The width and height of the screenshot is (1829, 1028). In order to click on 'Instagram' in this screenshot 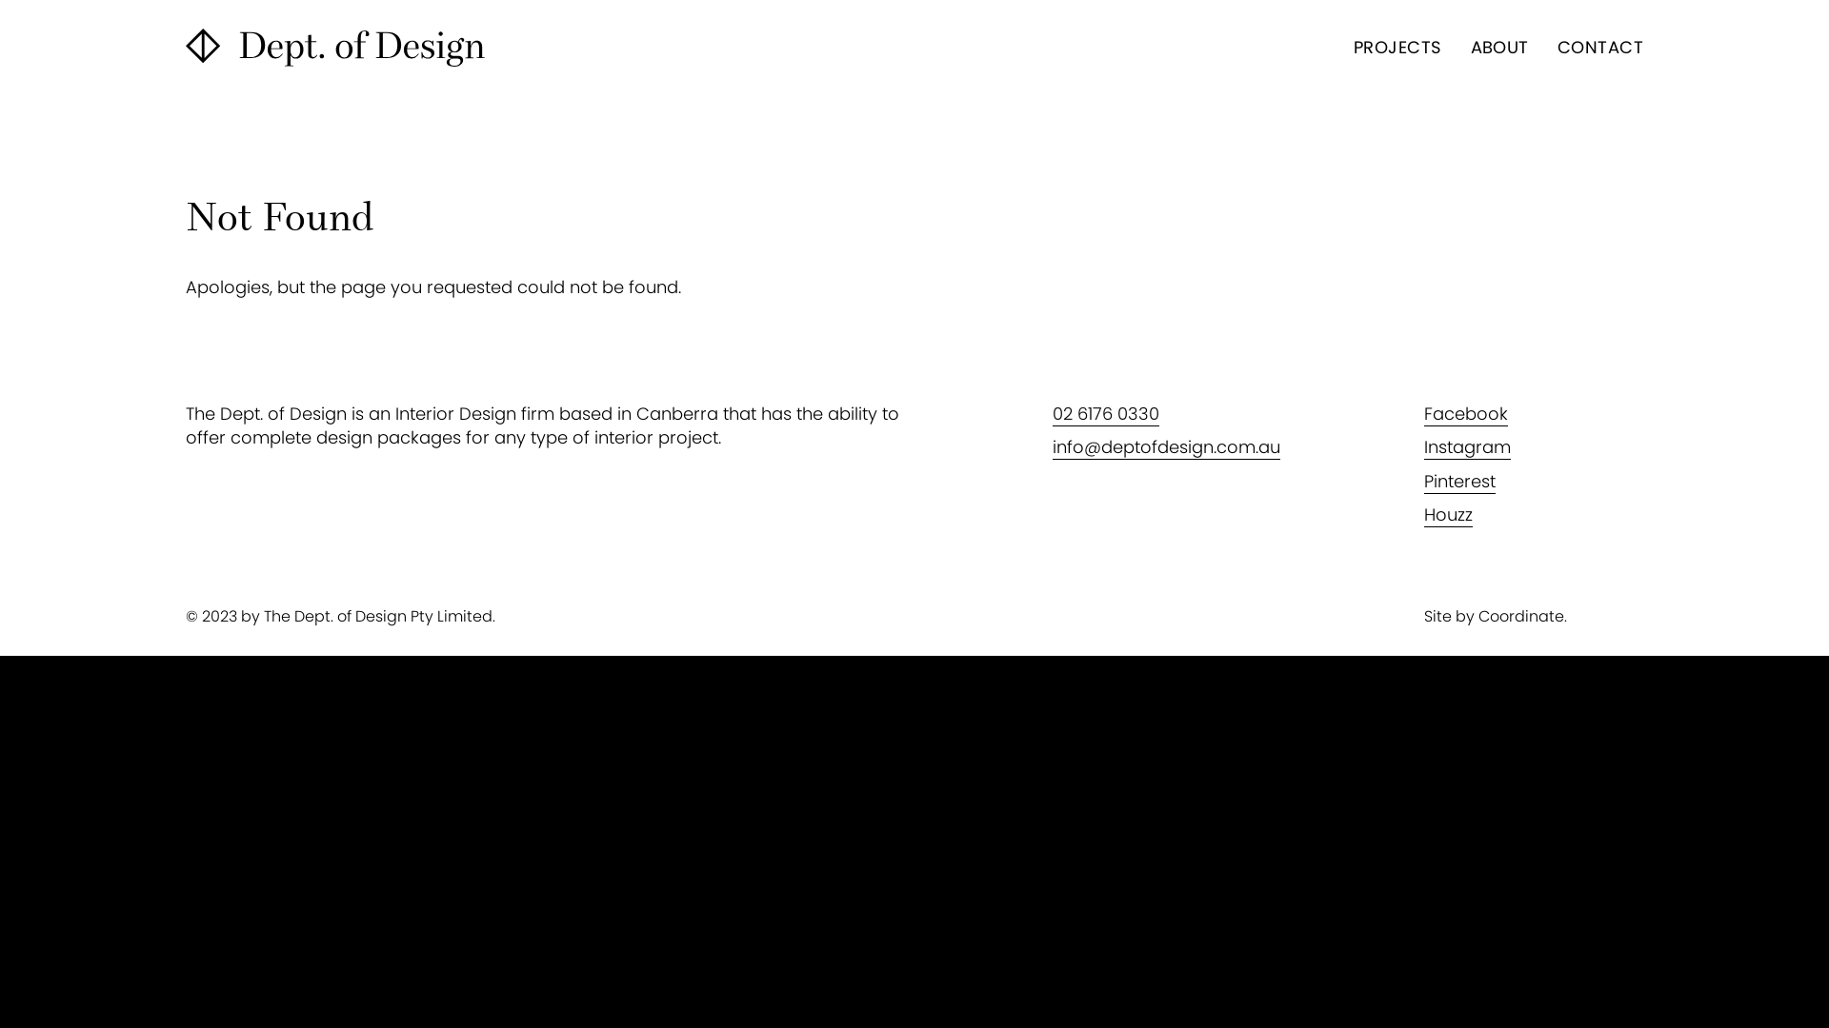, I will do `click(1466, 446)`.